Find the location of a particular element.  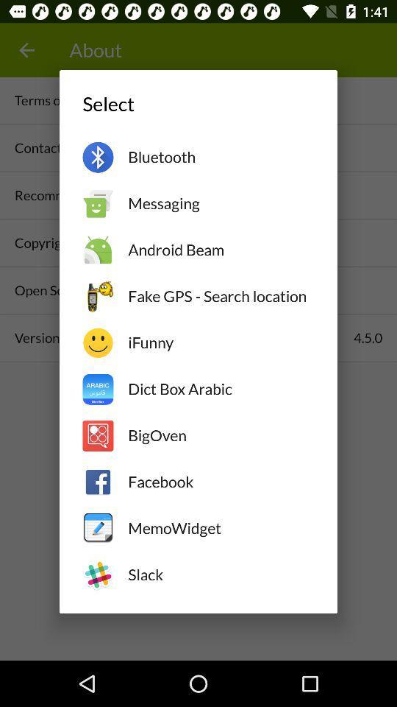

item above the bigoven item is located at coordinates (220, 388).